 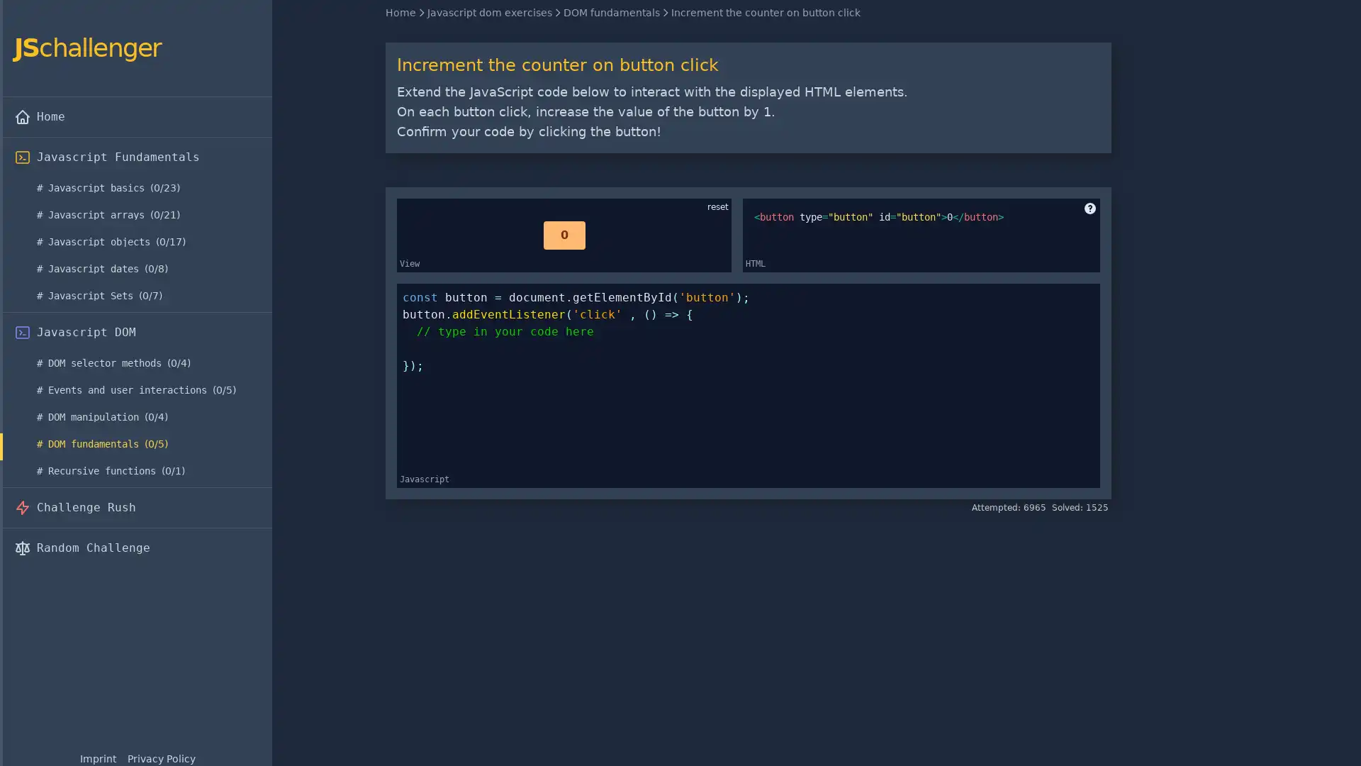 I want to click on reset, so click(x=717, y=207).